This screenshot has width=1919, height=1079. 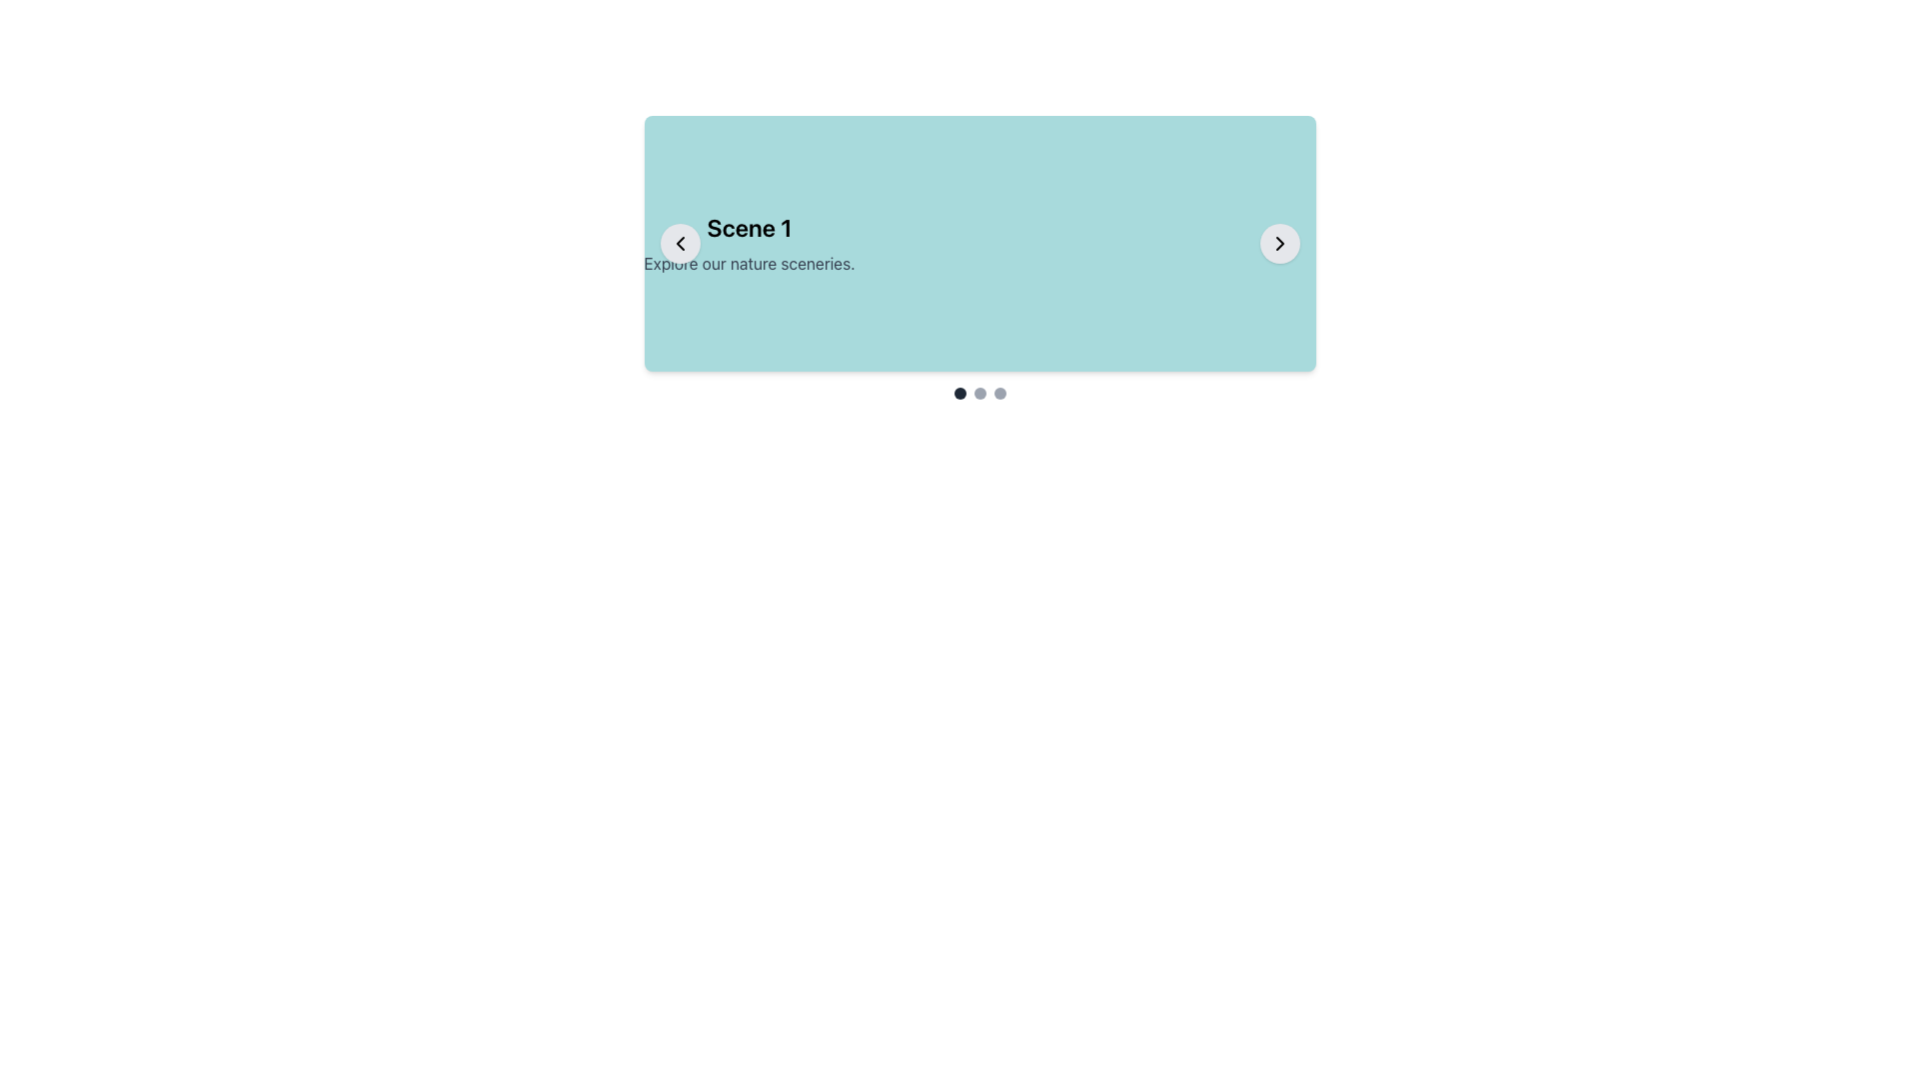 What do you see at coordinates (680, 242) in the screenshot?
I see `the circular button with a light gray background and a leftward-pointing chevron icon` at bounding box center [680, 242].